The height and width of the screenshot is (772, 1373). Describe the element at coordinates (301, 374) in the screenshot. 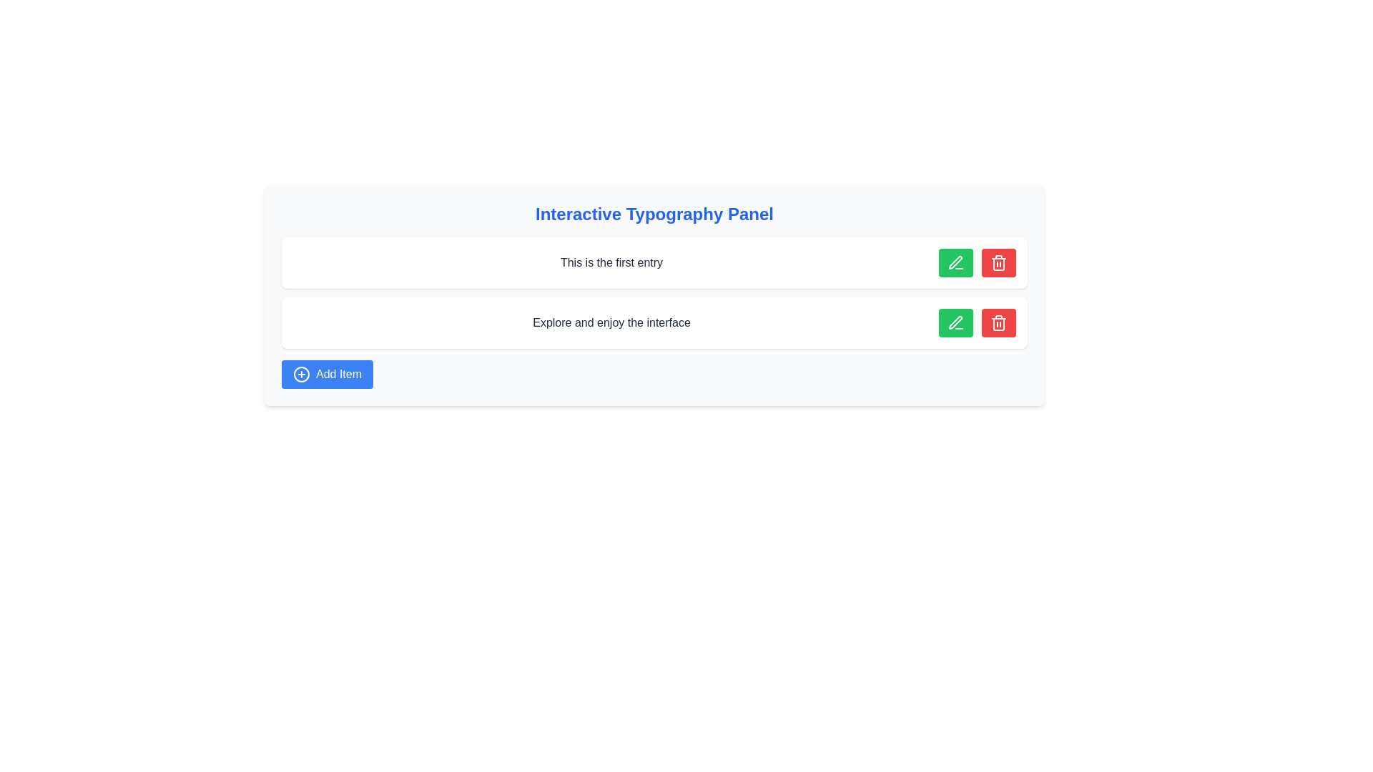

I see `the decorative circular background element of the '+' sign within the 'Add Item' button located at the bottom left of the interactive panel` at that location.